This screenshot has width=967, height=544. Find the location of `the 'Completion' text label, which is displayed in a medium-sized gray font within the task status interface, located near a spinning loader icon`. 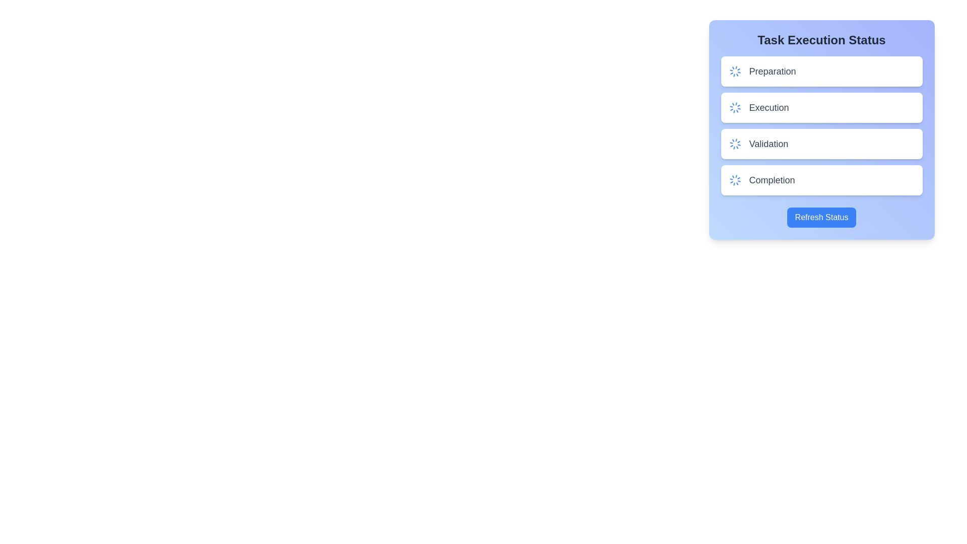

the 'Completion' text label, which is displayed in a medium-sized gray font within the task status interface, located near a spinning loader icon is located at coordinates (771, 180).